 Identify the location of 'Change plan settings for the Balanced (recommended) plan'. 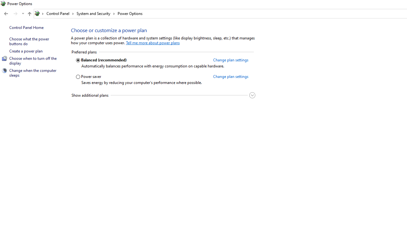
(230, 60).